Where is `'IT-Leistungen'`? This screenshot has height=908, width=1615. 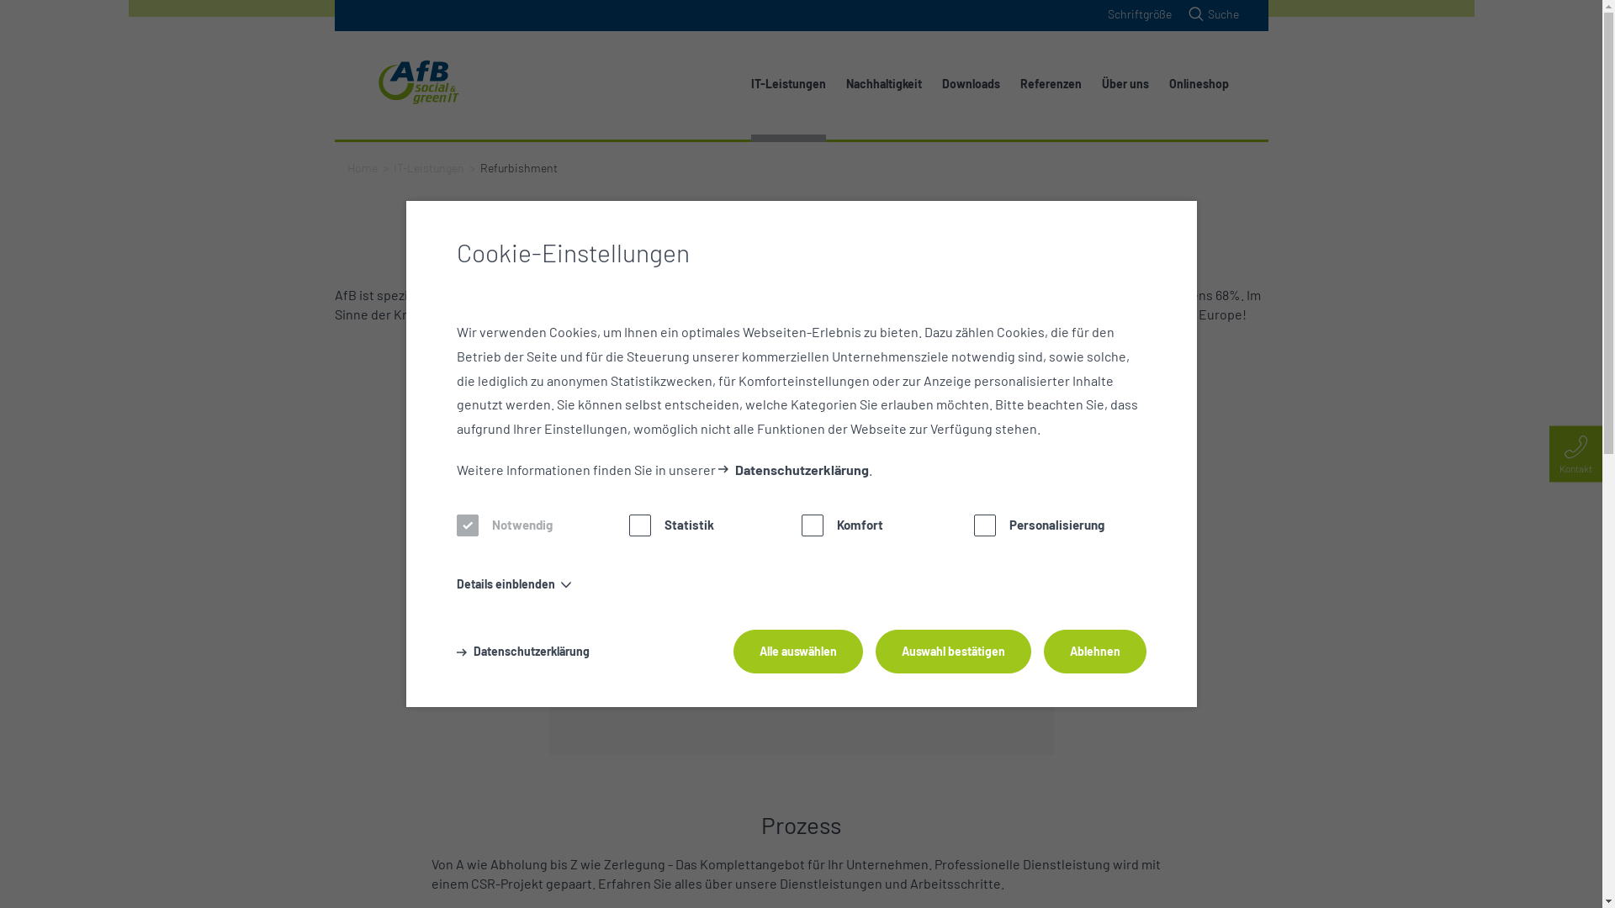
'IT-Leistungen' is located at coordinates (428, 167).